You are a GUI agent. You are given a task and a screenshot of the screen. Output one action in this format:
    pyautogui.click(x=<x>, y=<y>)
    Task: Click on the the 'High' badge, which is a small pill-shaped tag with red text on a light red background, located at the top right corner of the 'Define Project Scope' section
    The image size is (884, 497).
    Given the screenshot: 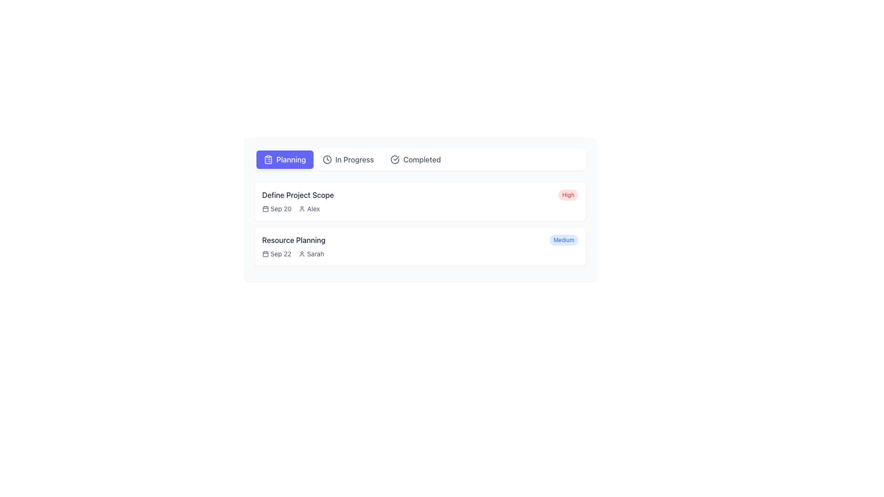 What is the action you would take?
    pyautogui.click(x=568, y=195)
    